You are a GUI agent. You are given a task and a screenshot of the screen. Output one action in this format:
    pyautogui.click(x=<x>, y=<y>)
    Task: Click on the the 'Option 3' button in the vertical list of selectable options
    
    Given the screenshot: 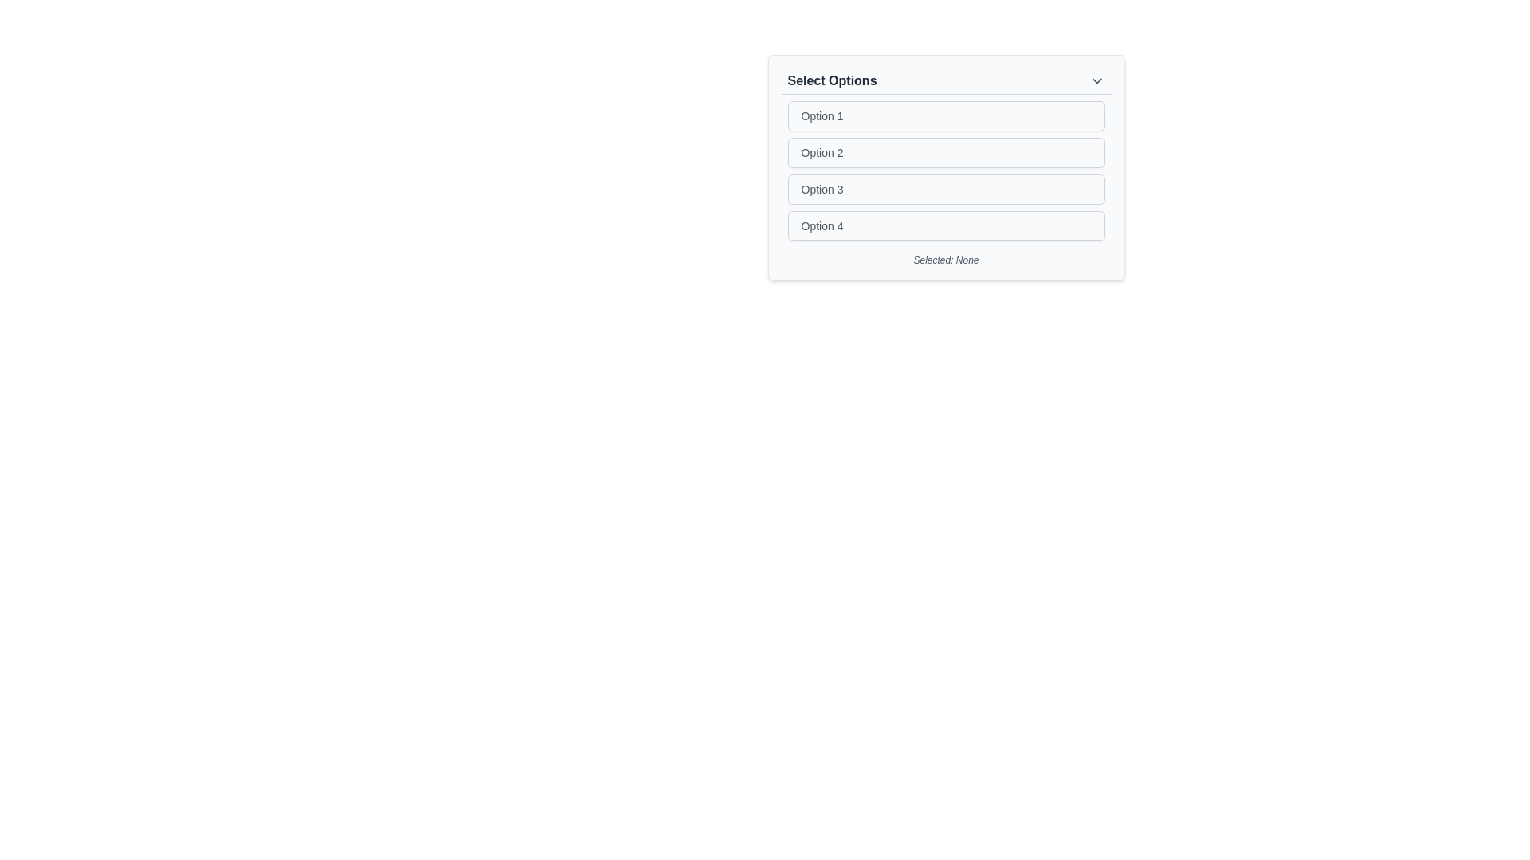 What is the action you would take?
    pyautogui.click(x=946, y=189)
    